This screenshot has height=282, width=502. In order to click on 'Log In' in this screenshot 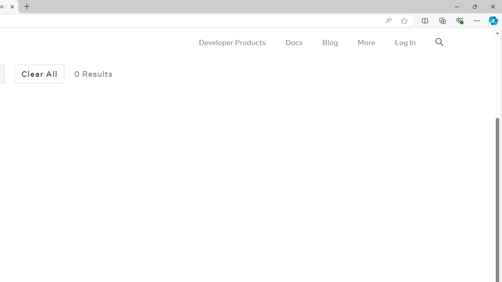, I will do `click(405, 42)`.